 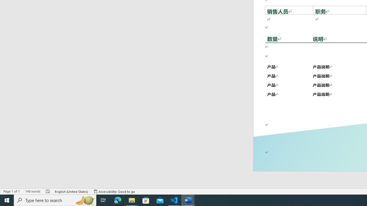 I want to click on 'Page Number Page 1 of 1', so click(x=11, y=191).